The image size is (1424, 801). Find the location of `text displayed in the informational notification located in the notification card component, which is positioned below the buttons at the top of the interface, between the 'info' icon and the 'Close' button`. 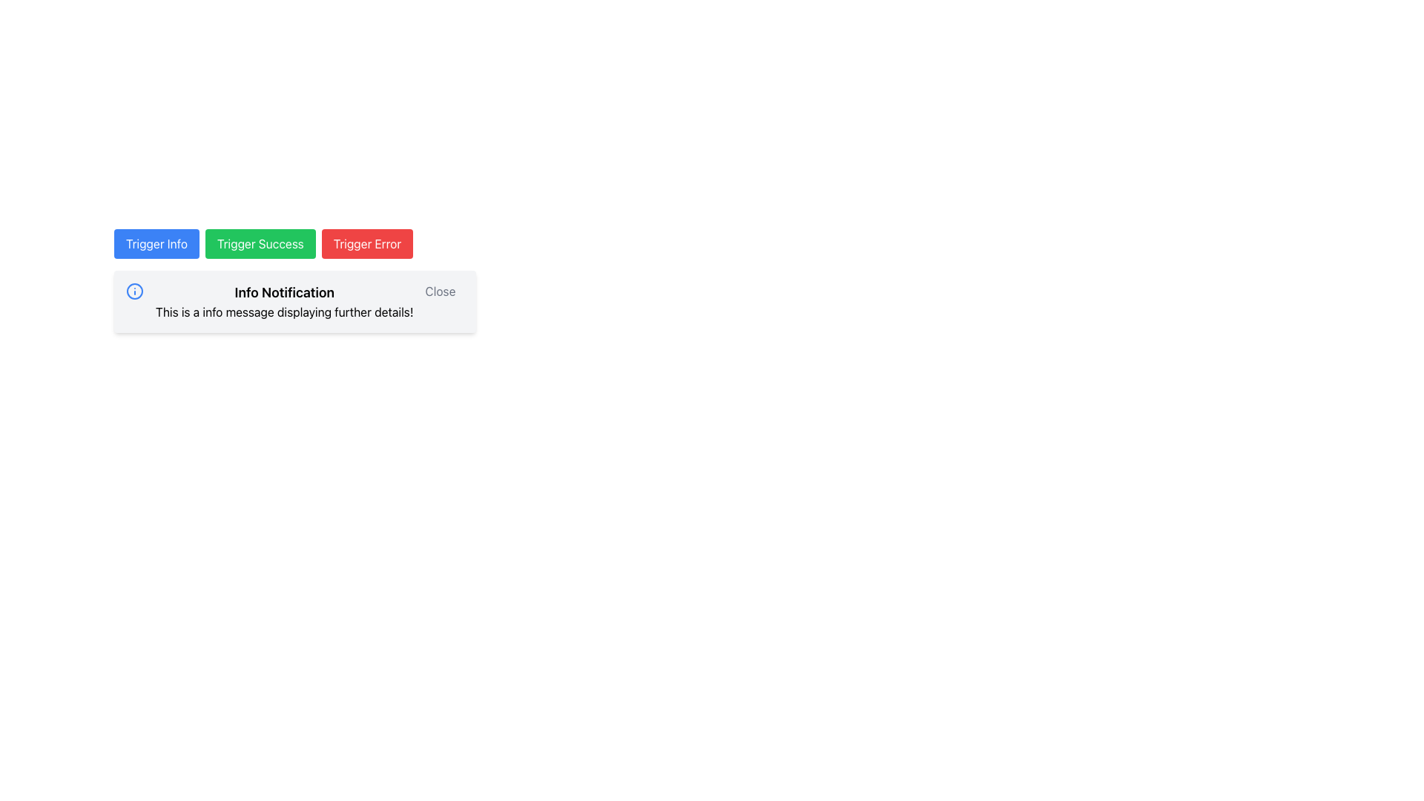

text displayed in the informational notification located in the notification card component, which is positioned below the buttons at the top of the interface, between the 'info' icon and the 'Close' button is located at coordinates (284, 301).